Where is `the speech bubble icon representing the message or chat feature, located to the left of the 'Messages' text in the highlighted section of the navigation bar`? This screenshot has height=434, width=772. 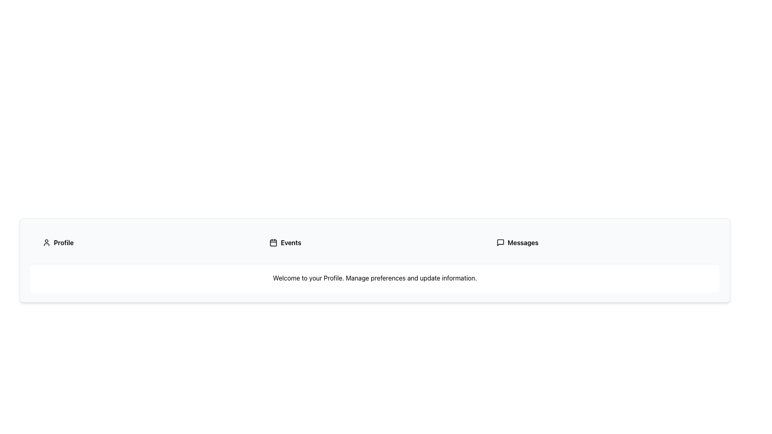 the speech bubble icon representing the message or chat feature, located to the left of the 'Messages' text in the highlighted section of the navigation bar is located at coordinates (500, 242).